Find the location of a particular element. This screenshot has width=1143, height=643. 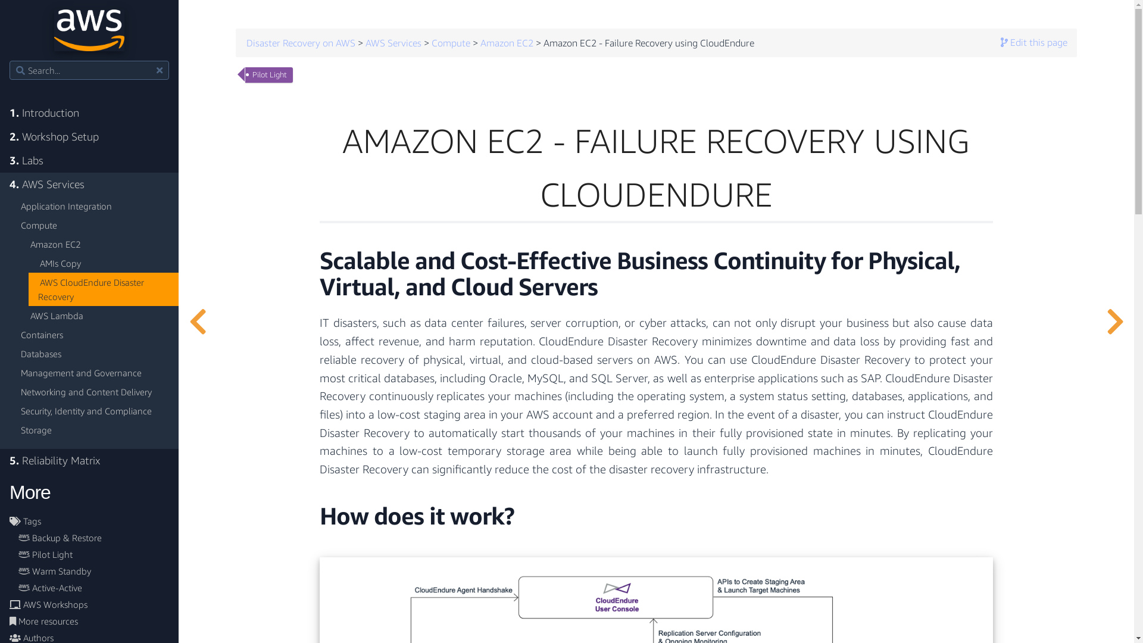

'Containers' is located at coordinates (93, 335).